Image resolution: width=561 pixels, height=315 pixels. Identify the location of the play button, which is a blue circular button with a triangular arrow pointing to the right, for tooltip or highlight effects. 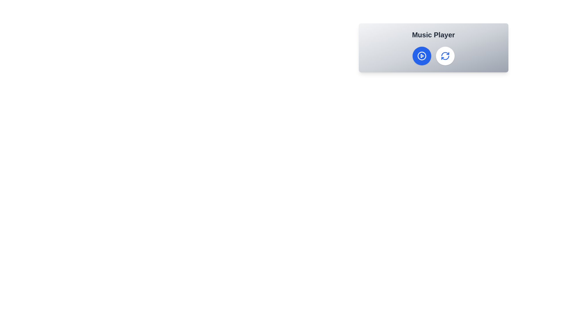
(422, 56).